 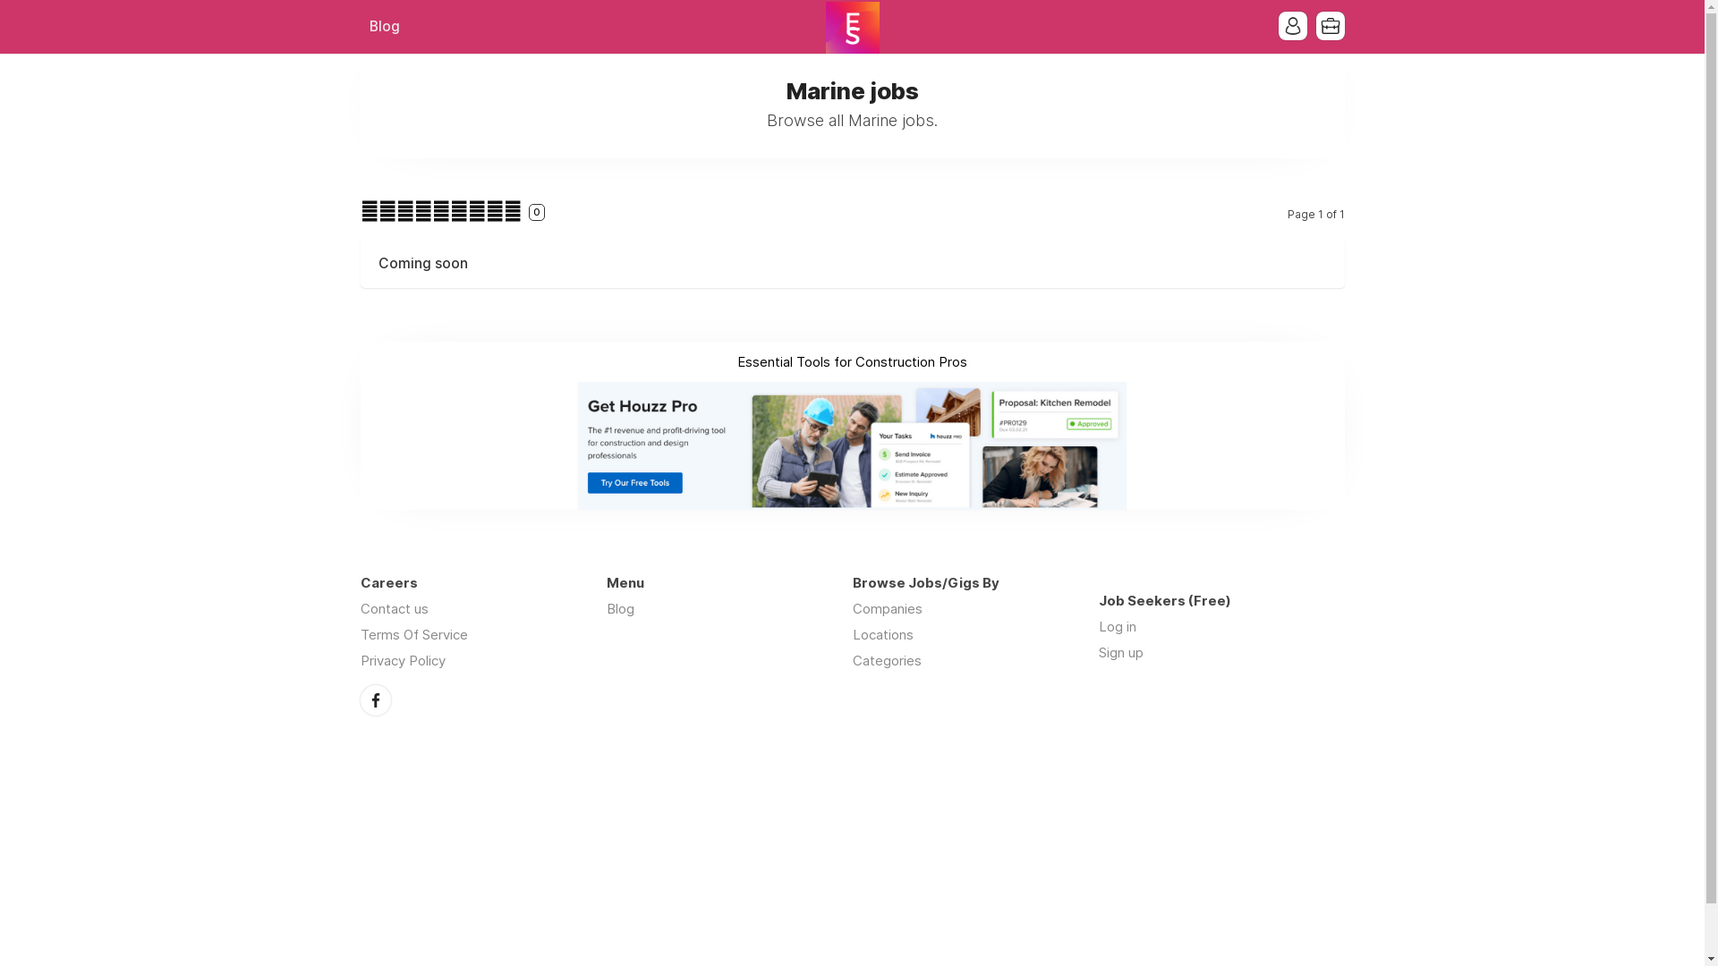 I want to click on 'Privacy Policy', so click(x=359, y=660).